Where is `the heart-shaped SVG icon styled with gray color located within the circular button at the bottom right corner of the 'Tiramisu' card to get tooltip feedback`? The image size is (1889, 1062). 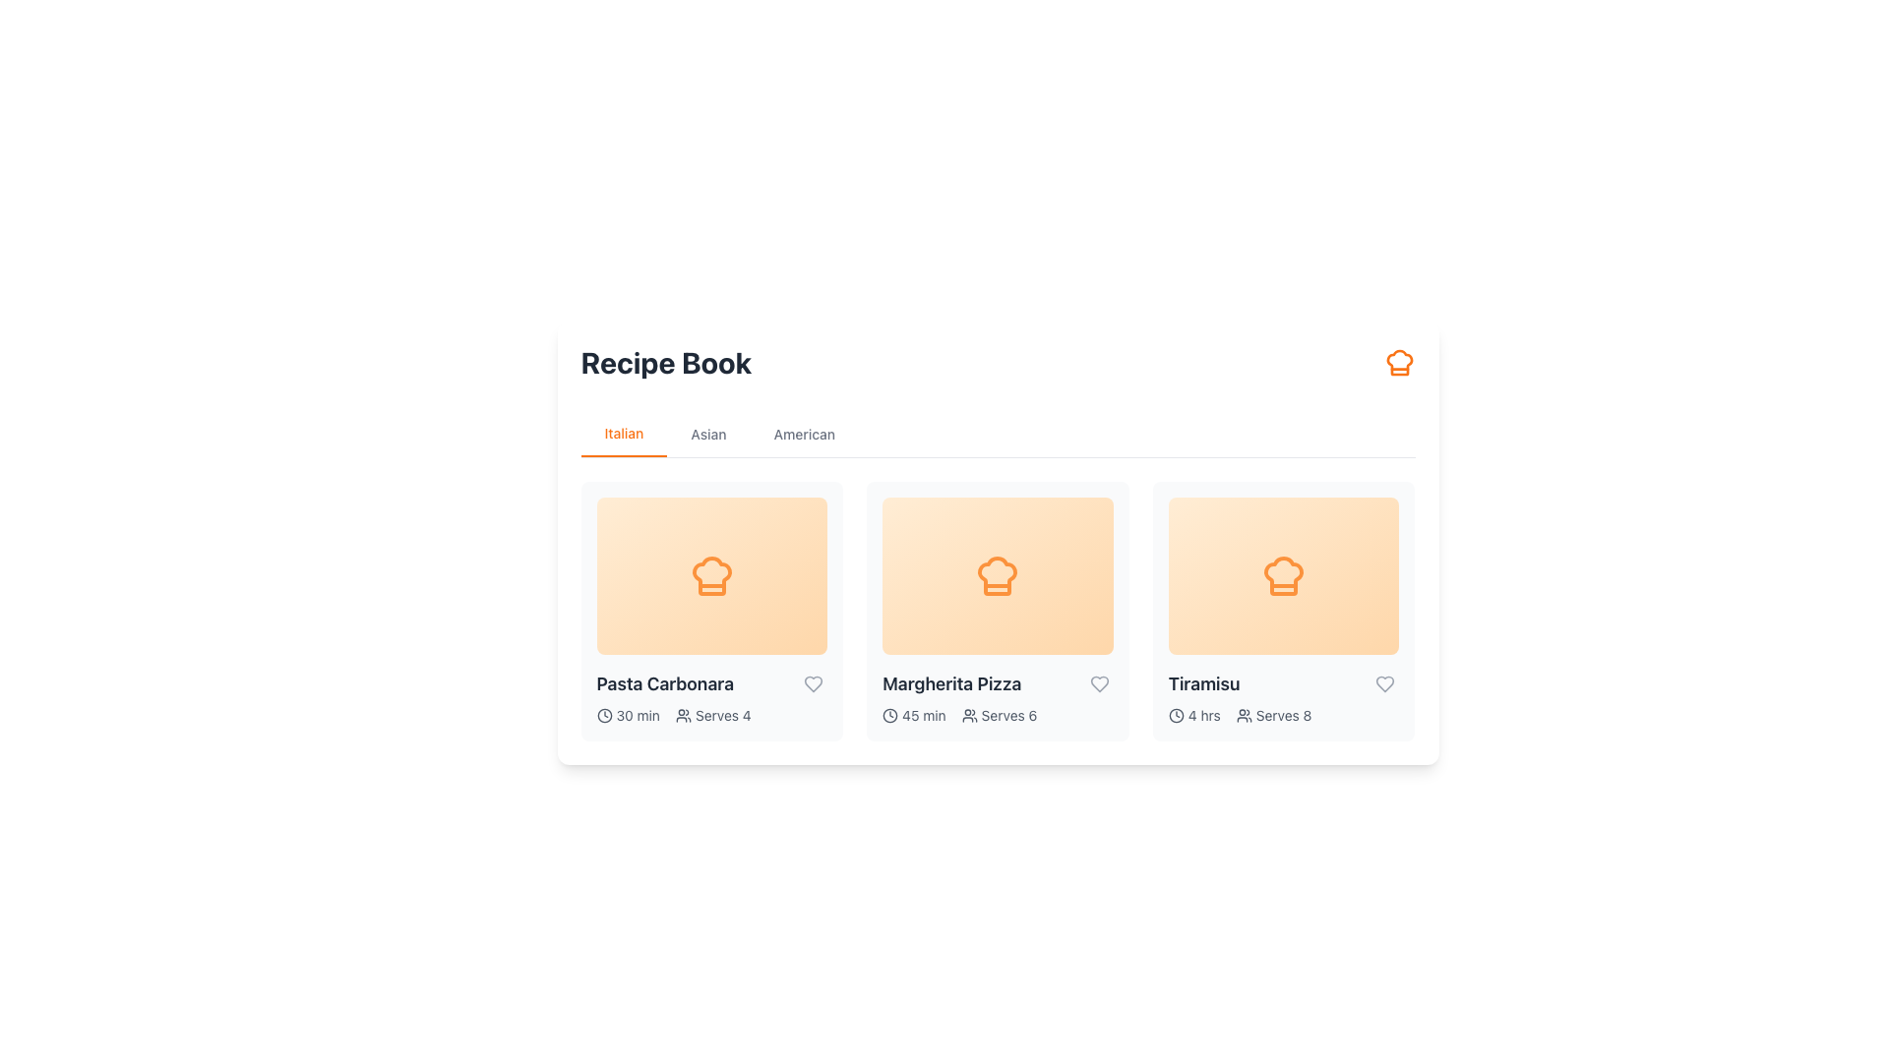 the heart-shaped SVG icon styled with gray color located within the circular button at the bottom right corner of the 'Tiramisu' card to get tooltip feedback is located at coordinates (1384, 682).